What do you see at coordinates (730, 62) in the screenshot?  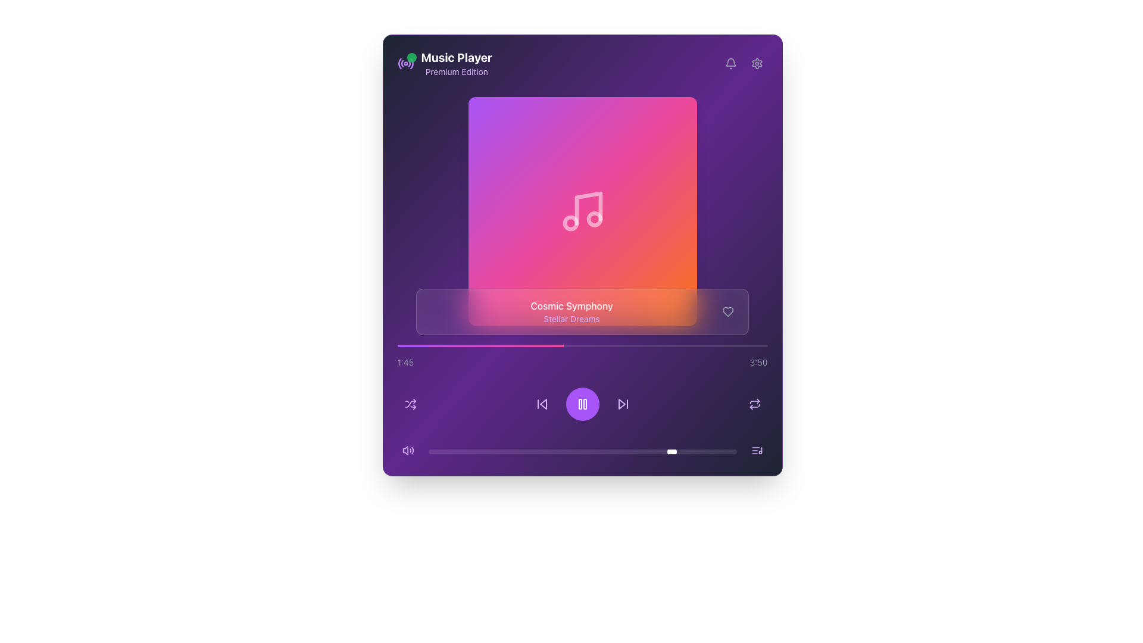 I see `the notification indicator icon located at the top-right of the application's main header, adjacent to the gear icon` at bounding box center [730, 62].